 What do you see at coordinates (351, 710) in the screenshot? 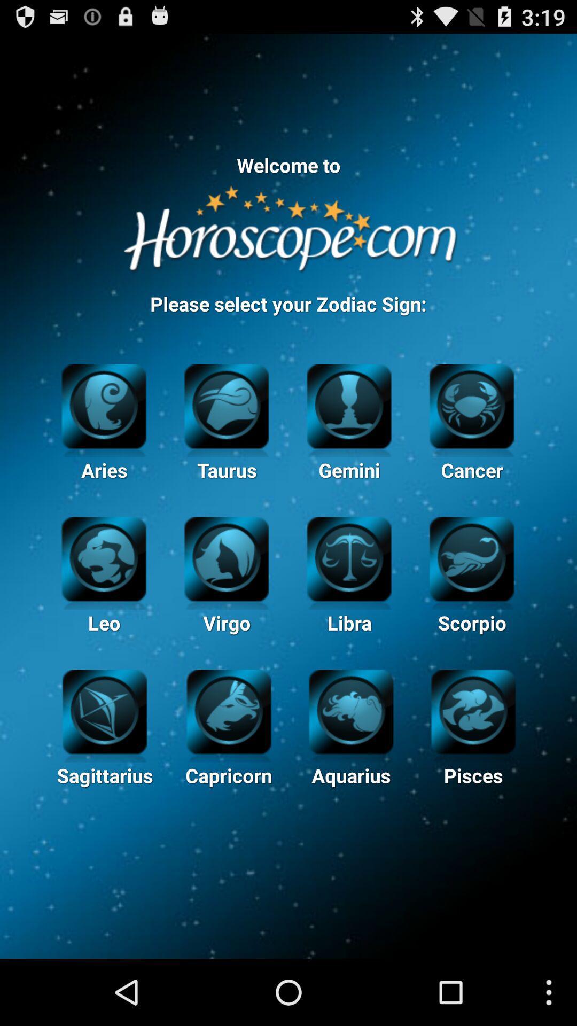
I see `aquarius` at bounding box center [351, 710].